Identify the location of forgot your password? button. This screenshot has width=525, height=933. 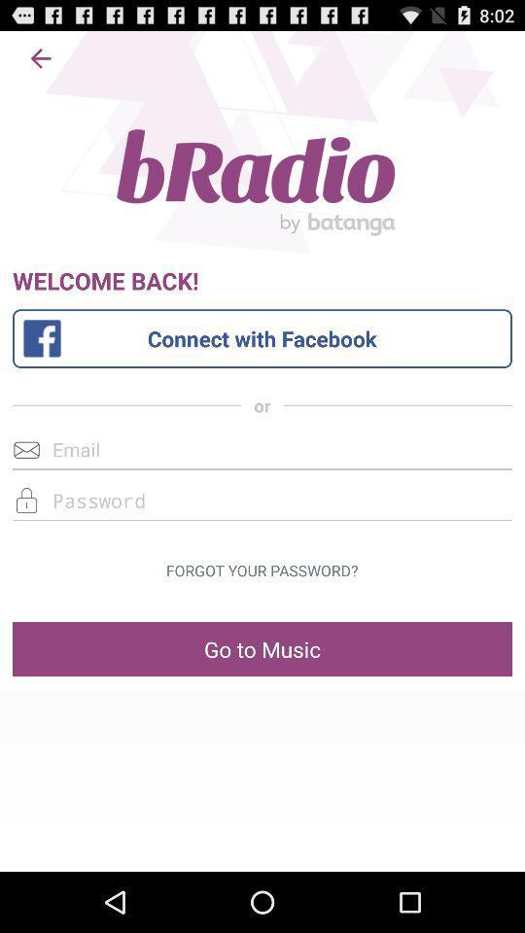
(262, 570).